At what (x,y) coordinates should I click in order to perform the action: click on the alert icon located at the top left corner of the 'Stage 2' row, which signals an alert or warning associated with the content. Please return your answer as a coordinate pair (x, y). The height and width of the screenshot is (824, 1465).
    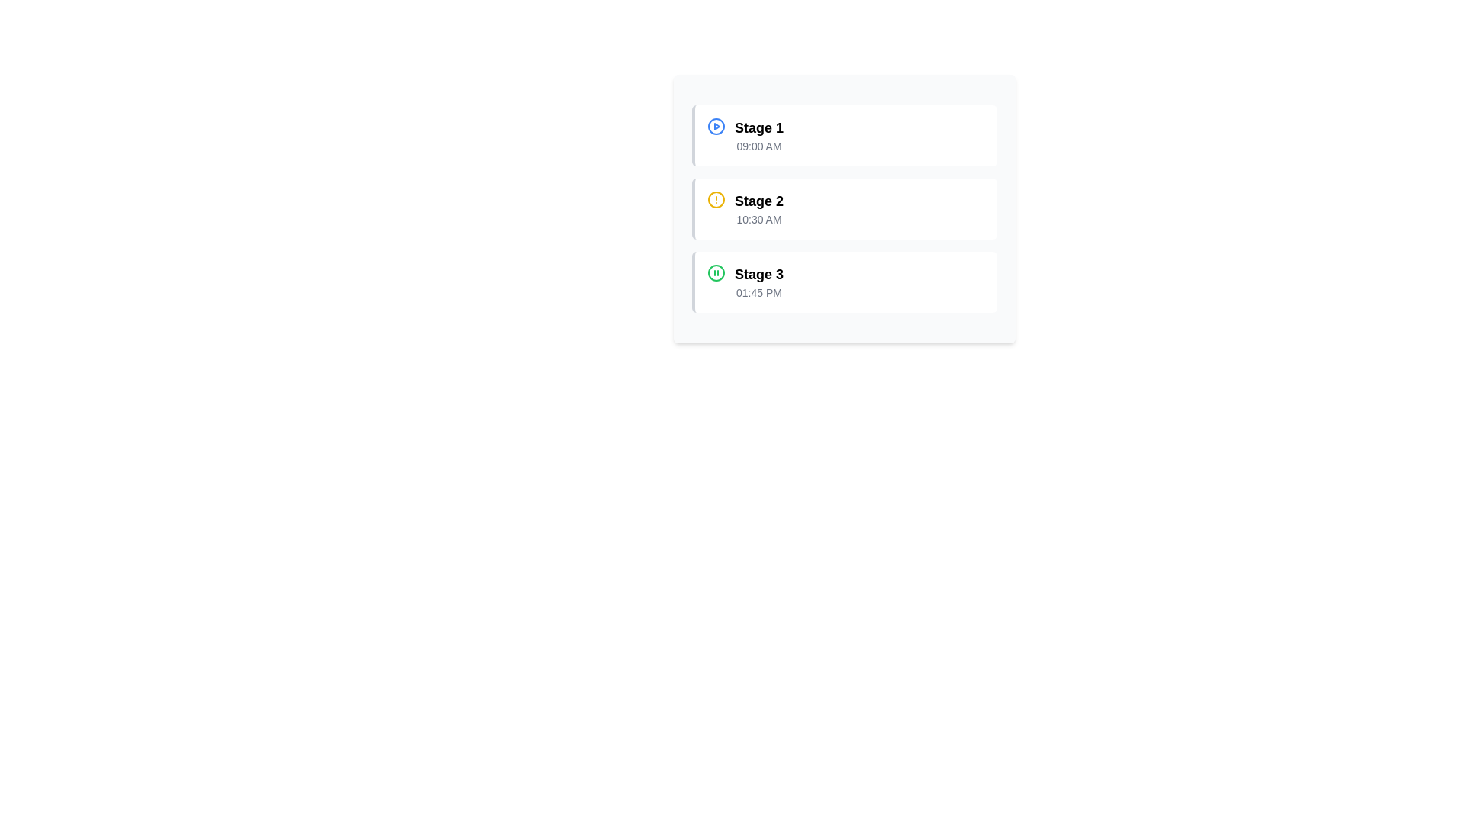
    Looking at the image, I should click on (716, 199).